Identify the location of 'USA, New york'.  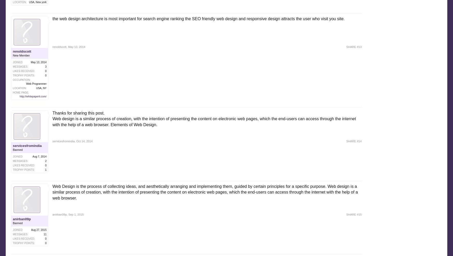
(29, 2).